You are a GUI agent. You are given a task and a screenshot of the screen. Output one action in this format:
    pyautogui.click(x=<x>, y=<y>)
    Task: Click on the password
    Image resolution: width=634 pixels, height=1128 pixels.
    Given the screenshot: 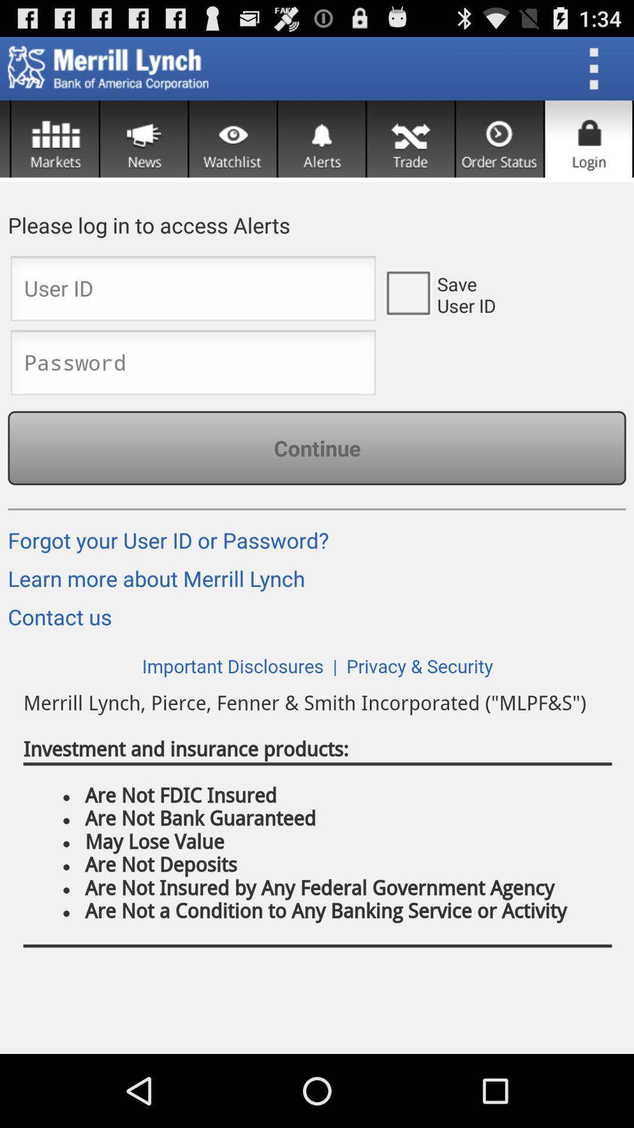 What is the action you would take?
    pyautogui.click(x=193, y=365)
    